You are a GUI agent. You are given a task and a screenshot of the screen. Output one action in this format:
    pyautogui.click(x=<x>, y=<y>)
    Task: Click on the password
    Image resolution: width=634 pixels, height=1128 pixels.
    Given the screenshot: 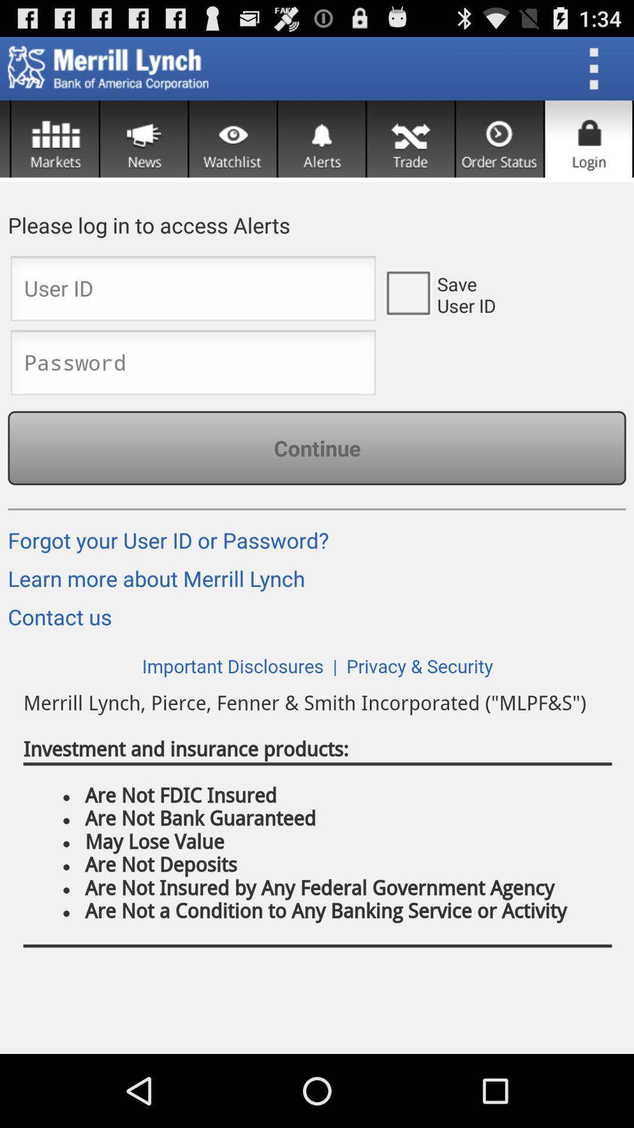 What is the action you would take?
    pyautogui.click(x=193, y=365)
    